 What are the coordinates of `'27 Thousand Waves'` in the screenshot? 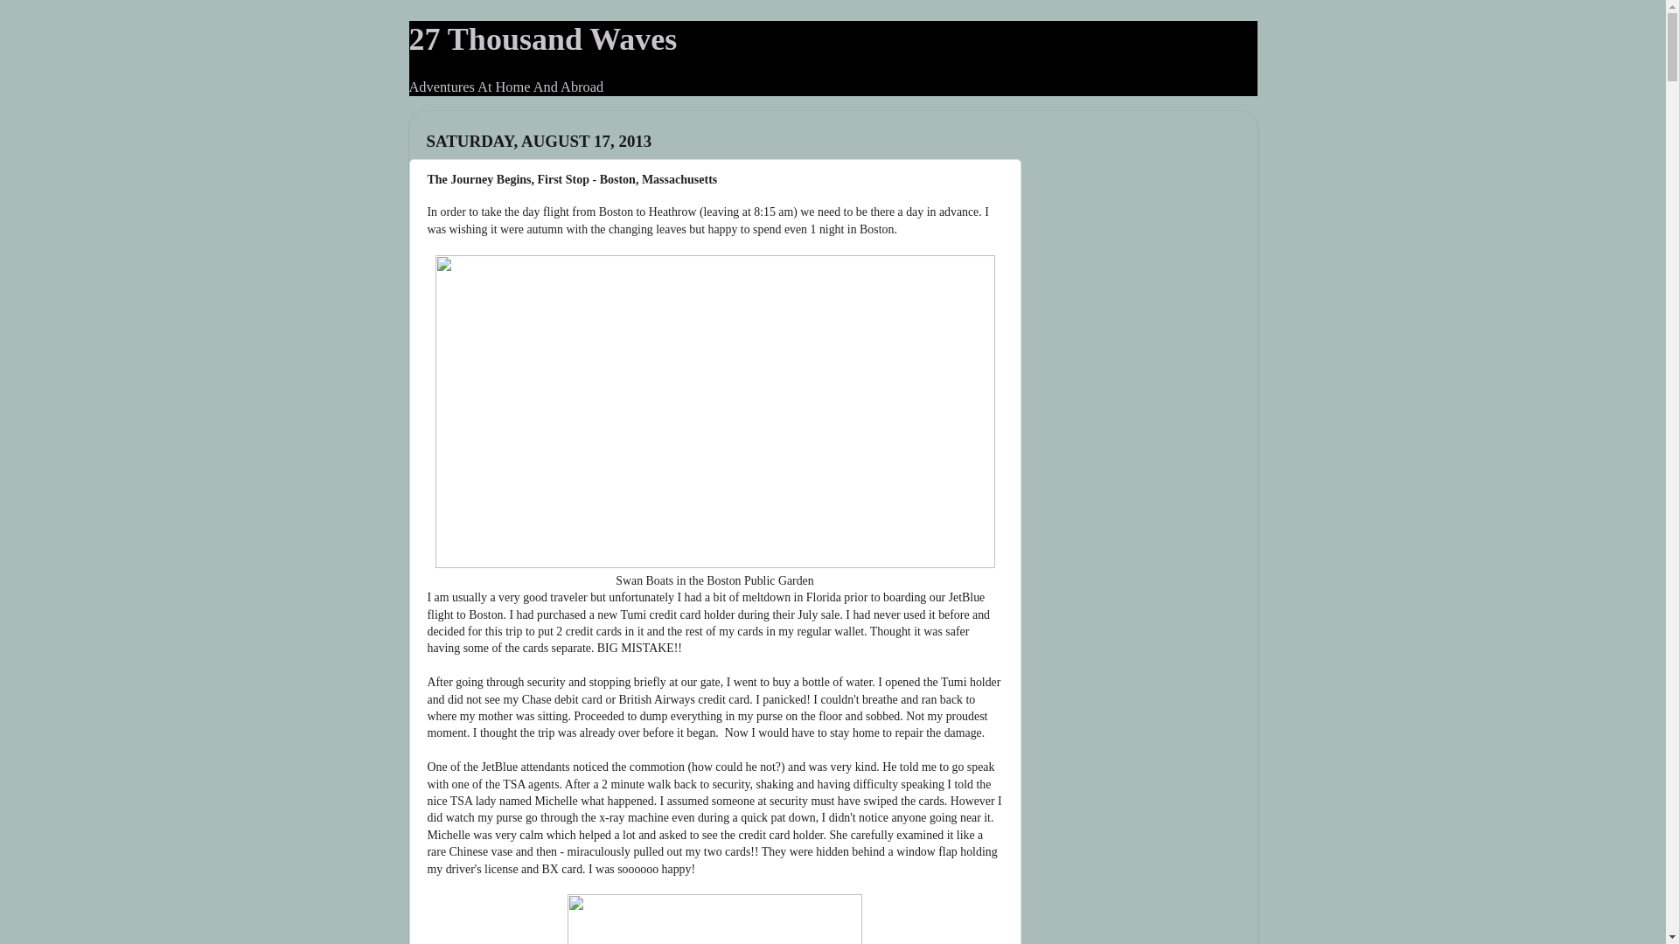 It's located at (542, 39).